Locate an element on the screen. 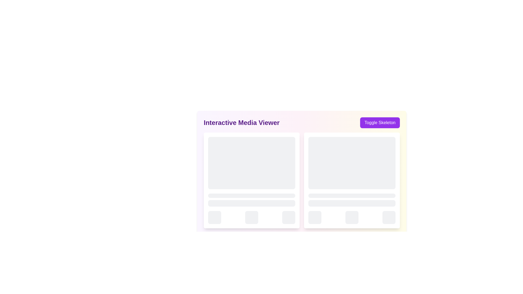 This screenshot has height=294, width=523. the placeholder element used in skeleton screens, located in the lower half of a card layout on the right side of the interface is located at coordinates (352, 200).